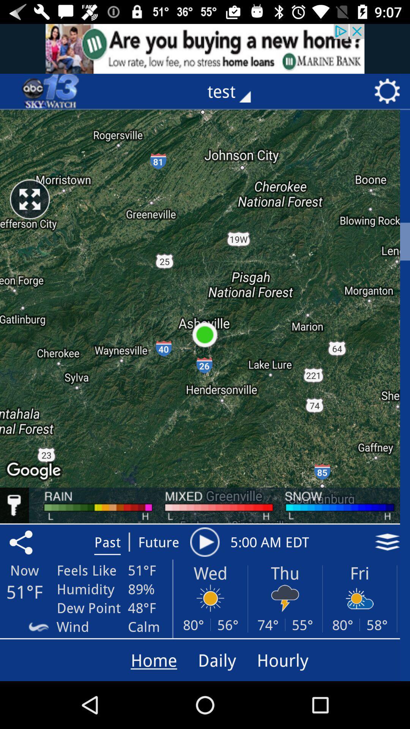  What do you see at coordinates (22, 541) in the screenshot?
I see `the share icon` at bounding box center [22, 541].